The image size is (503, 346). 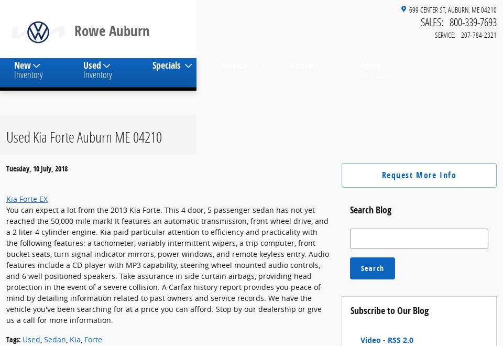 What do you see at coordinates (98, 76) in the screenshot?
I see `'Happy New Year To All!'` at bounding box center [98, 76].